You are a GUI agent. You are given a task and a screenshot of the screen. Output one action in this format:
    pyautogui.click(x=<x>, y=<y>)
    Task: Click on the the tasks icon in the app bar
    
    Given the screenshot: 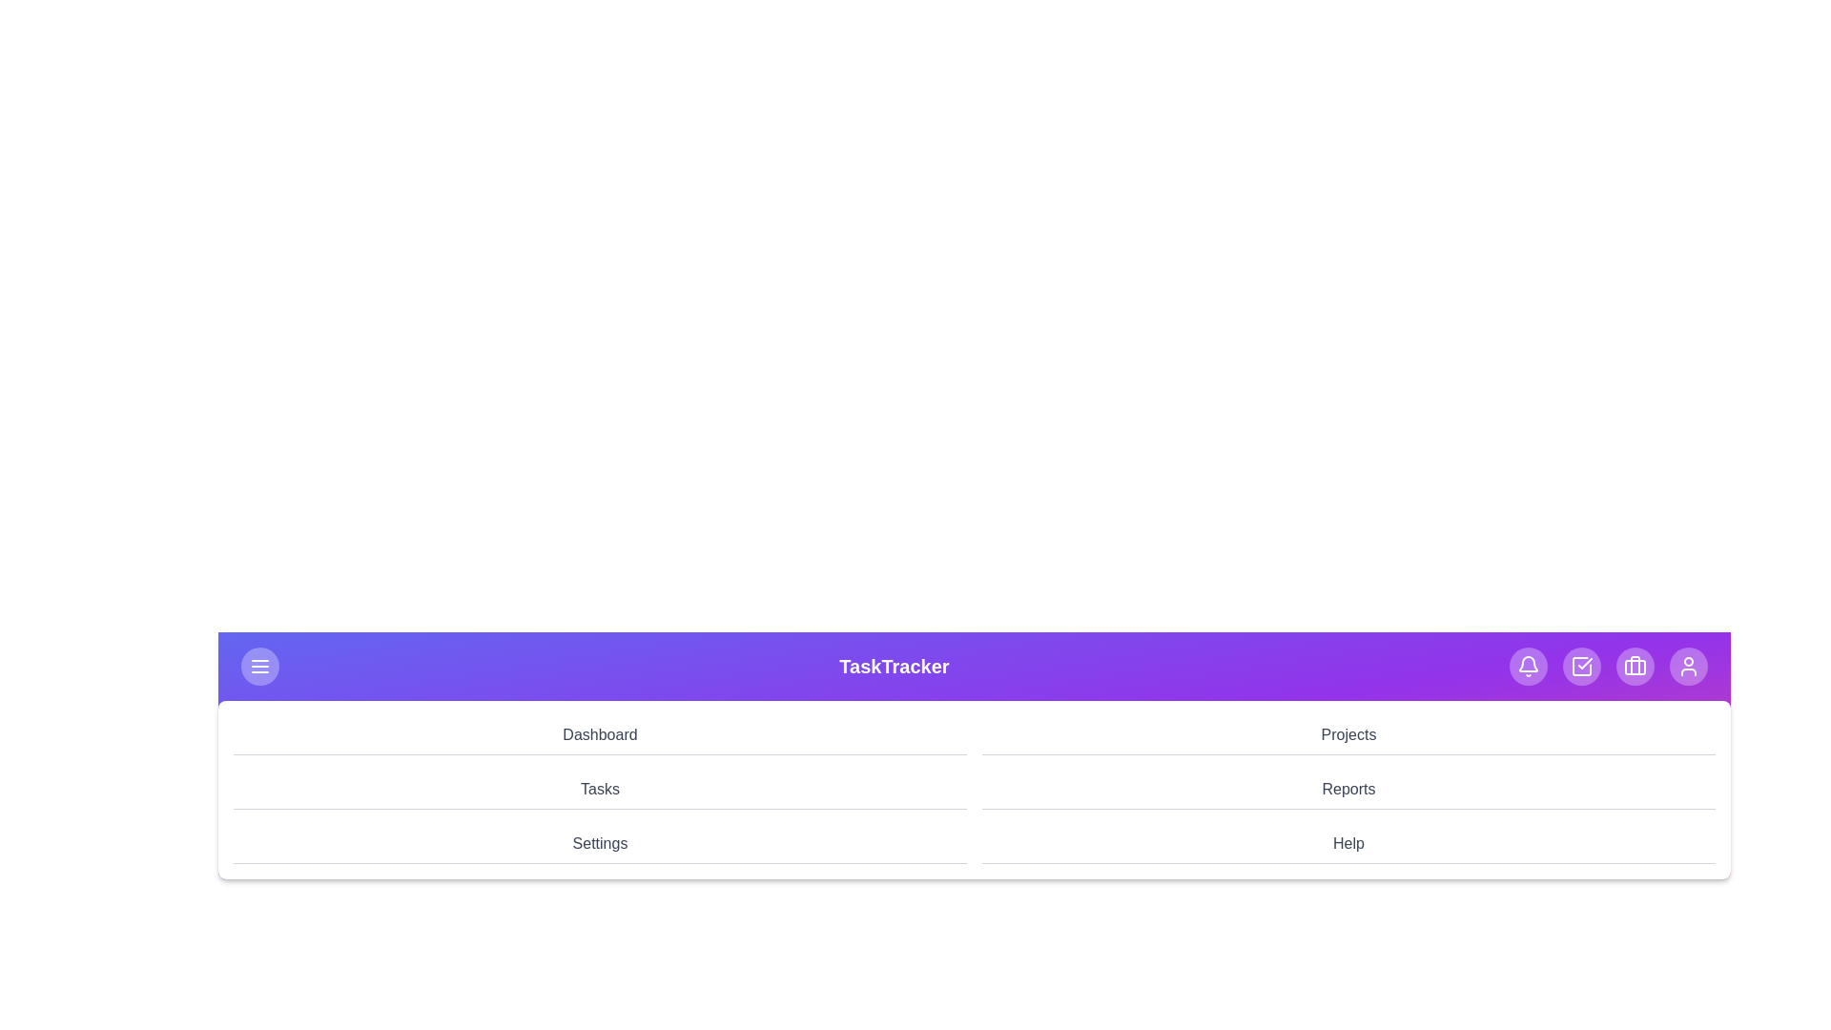 What is the action you would take?
    pyautogui.click(x=1582, y=665)
    